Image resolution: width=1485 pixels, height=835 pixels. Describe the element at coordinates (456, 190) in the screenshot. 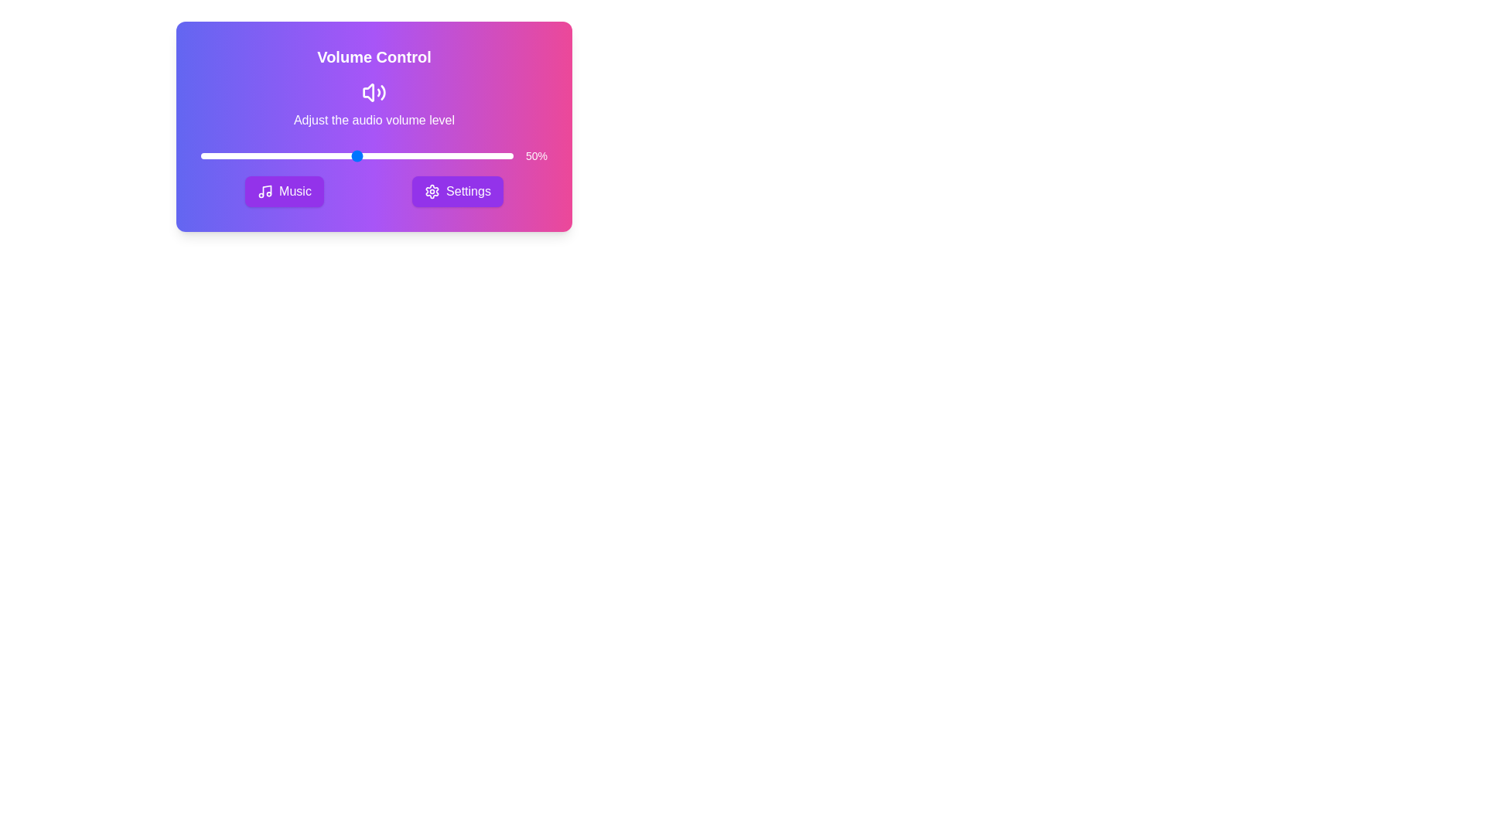

I see `the 'Settings' button` at that location.